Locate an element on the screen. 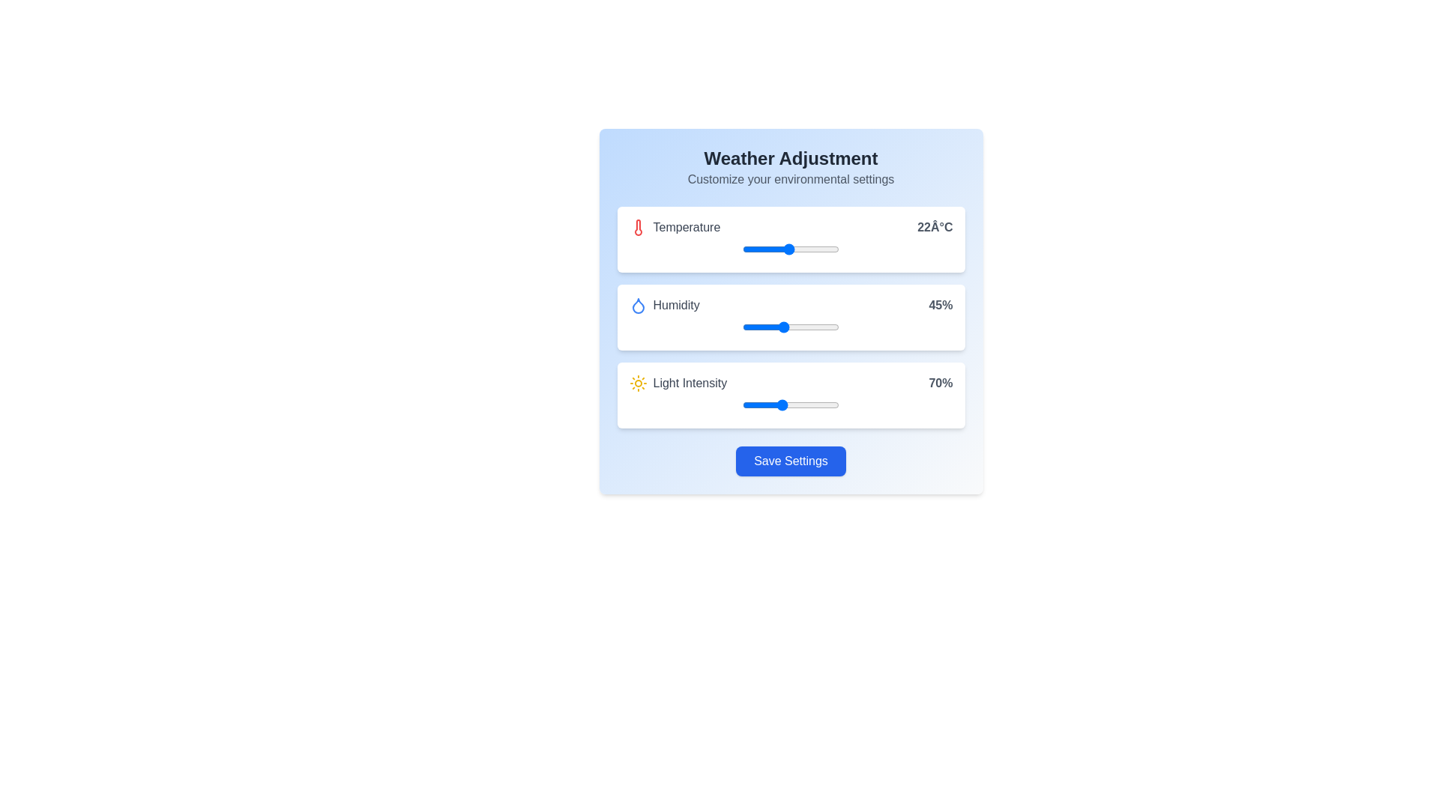 This screenshot has height=809, width=1439. the text label displaying '45%' in bold gray font, located to the right of the 'Humidity' label and droplet icon is located at coordinates (940, 305).